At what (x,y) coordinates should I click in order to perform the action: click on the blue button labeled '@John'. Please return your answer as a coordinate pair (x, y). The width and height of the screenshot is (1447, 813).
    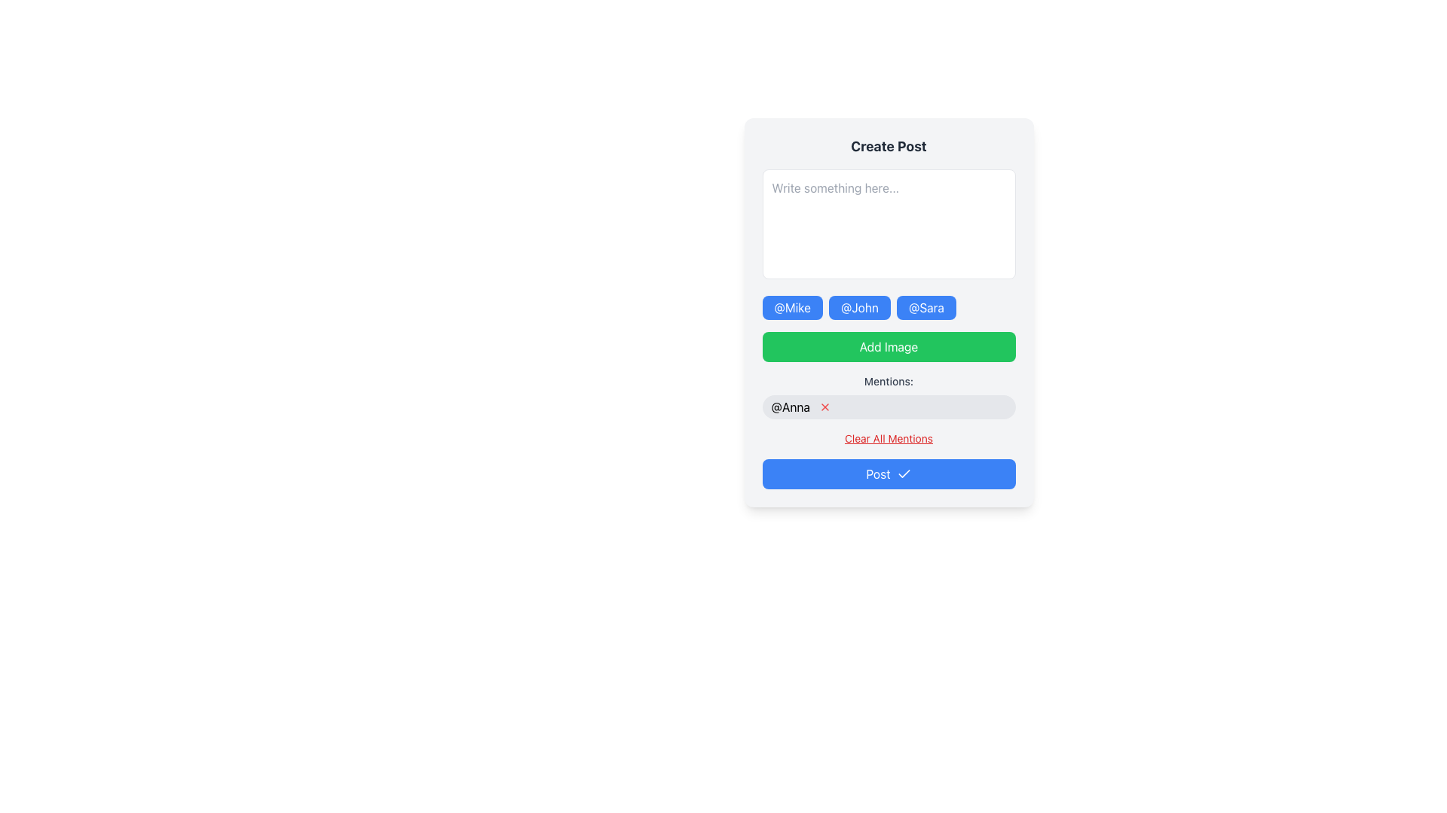
    Looking at the image, I should click on (889, 312).